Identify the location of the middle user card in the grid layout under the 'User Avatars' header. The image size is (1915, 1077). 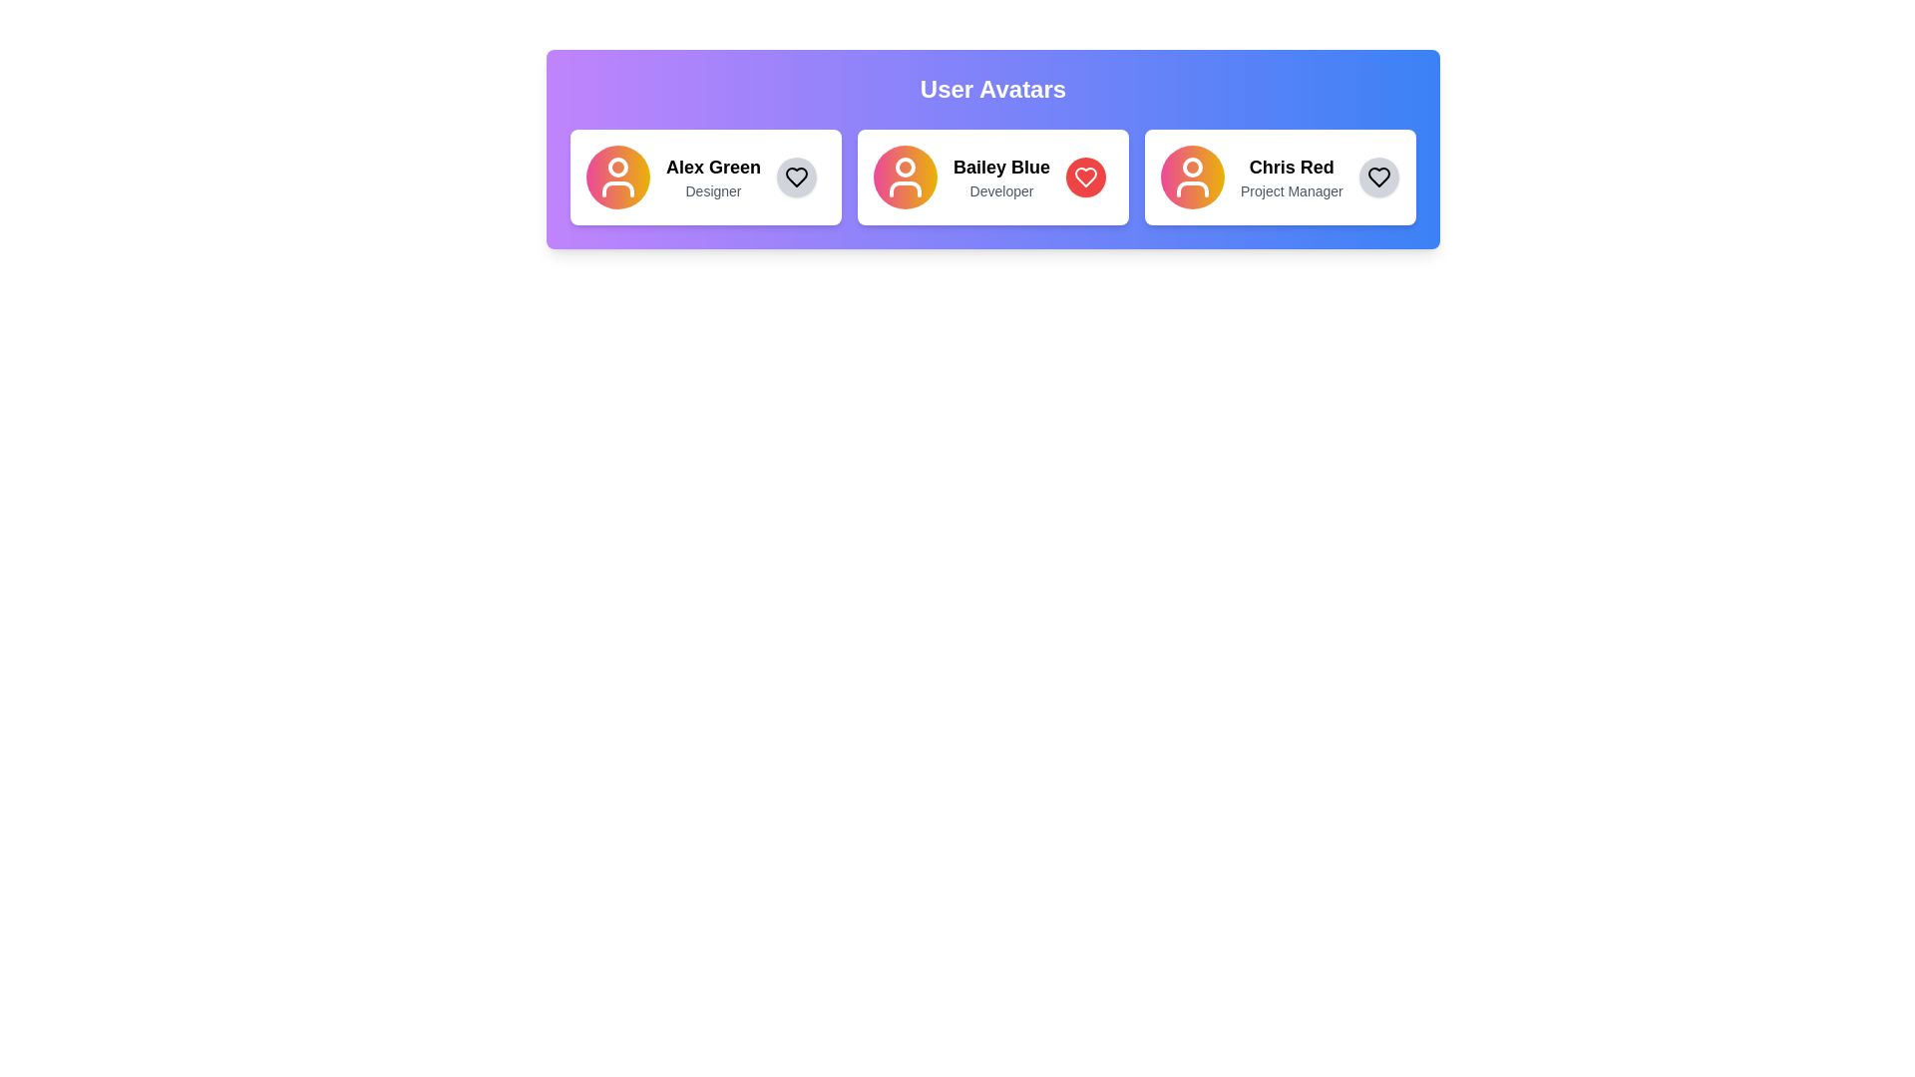
(993, 176).